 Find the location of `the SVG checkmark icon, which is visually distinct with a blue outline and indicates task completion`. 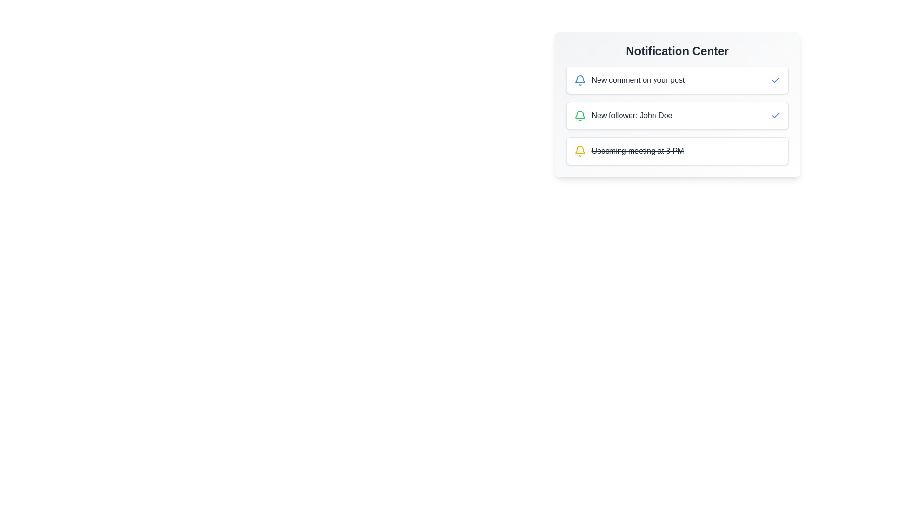

the SVG checkmark icon, which is visually distinct with a blue outline and indicates task completion is located at coordinates (775, 79).